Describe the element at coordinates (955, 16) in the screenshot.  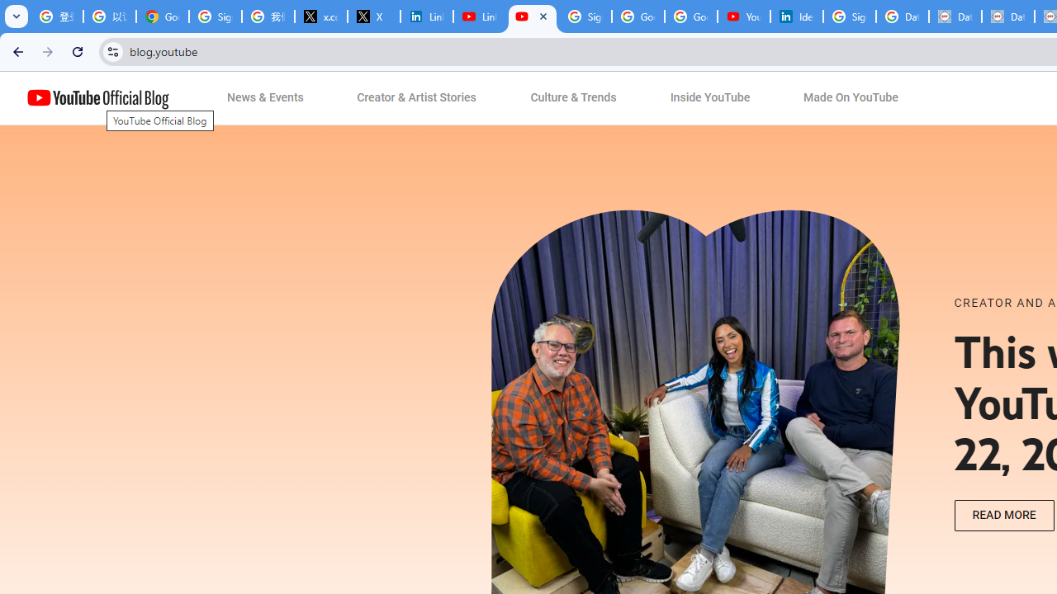
I see `'Data Privacy Framework'` at that location.